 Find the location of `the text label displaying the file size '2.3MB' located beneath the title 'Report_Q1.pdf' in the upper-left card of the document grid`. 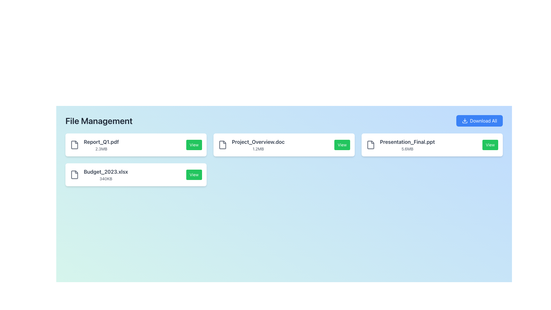

the text label displaying the file size '2.3MB' located beneath the title 'Report_Q1.pdf' in the upper-left card of the document grid is located at coordinates (101, 149).